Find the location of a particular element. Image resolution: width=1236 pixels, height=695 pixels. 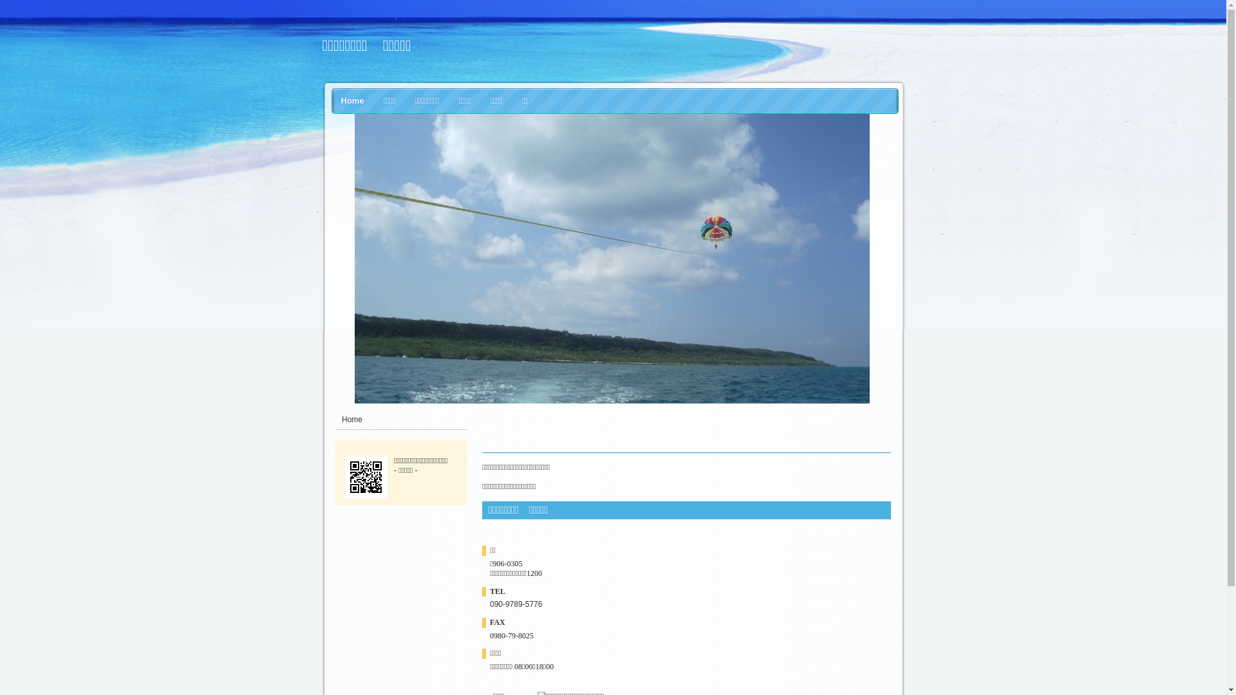

'090-9789-5776' is located at coordinates (489, 604).